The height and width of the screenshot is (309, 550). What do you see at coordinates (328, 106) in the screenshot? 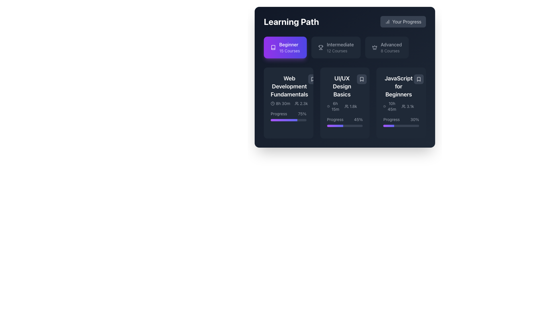
I see `the small circular clock icon with minimalist outline, located to the left of the text '6h 15m' in the 'UI/UX Design Basics' card` at bounding box center [328, 106].